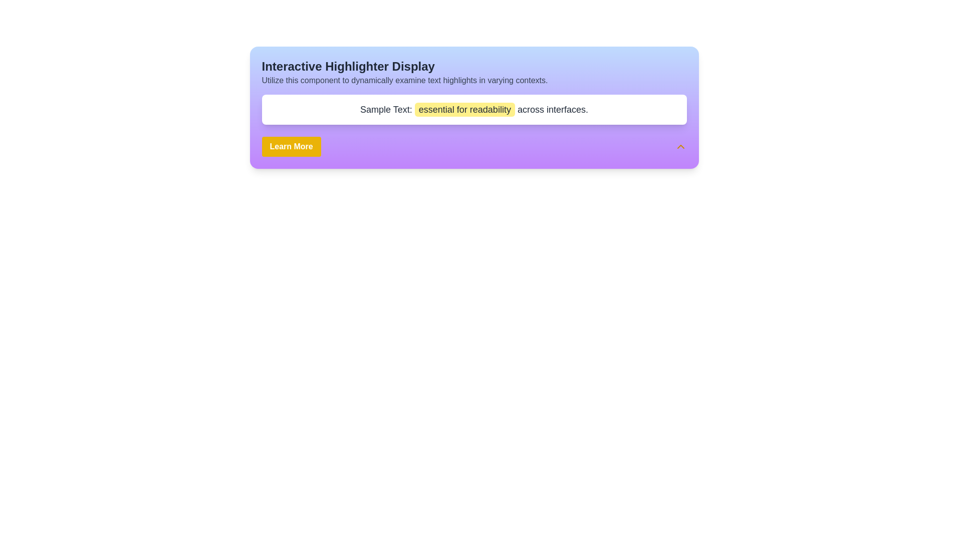 This screenshot has height=541, width=962. I want to click on the Text Box that displays specific textual content, positioned centrally beneath the title 'Interactive Highlighter Display' and above the 'Learn More' button, so click(473, 110).